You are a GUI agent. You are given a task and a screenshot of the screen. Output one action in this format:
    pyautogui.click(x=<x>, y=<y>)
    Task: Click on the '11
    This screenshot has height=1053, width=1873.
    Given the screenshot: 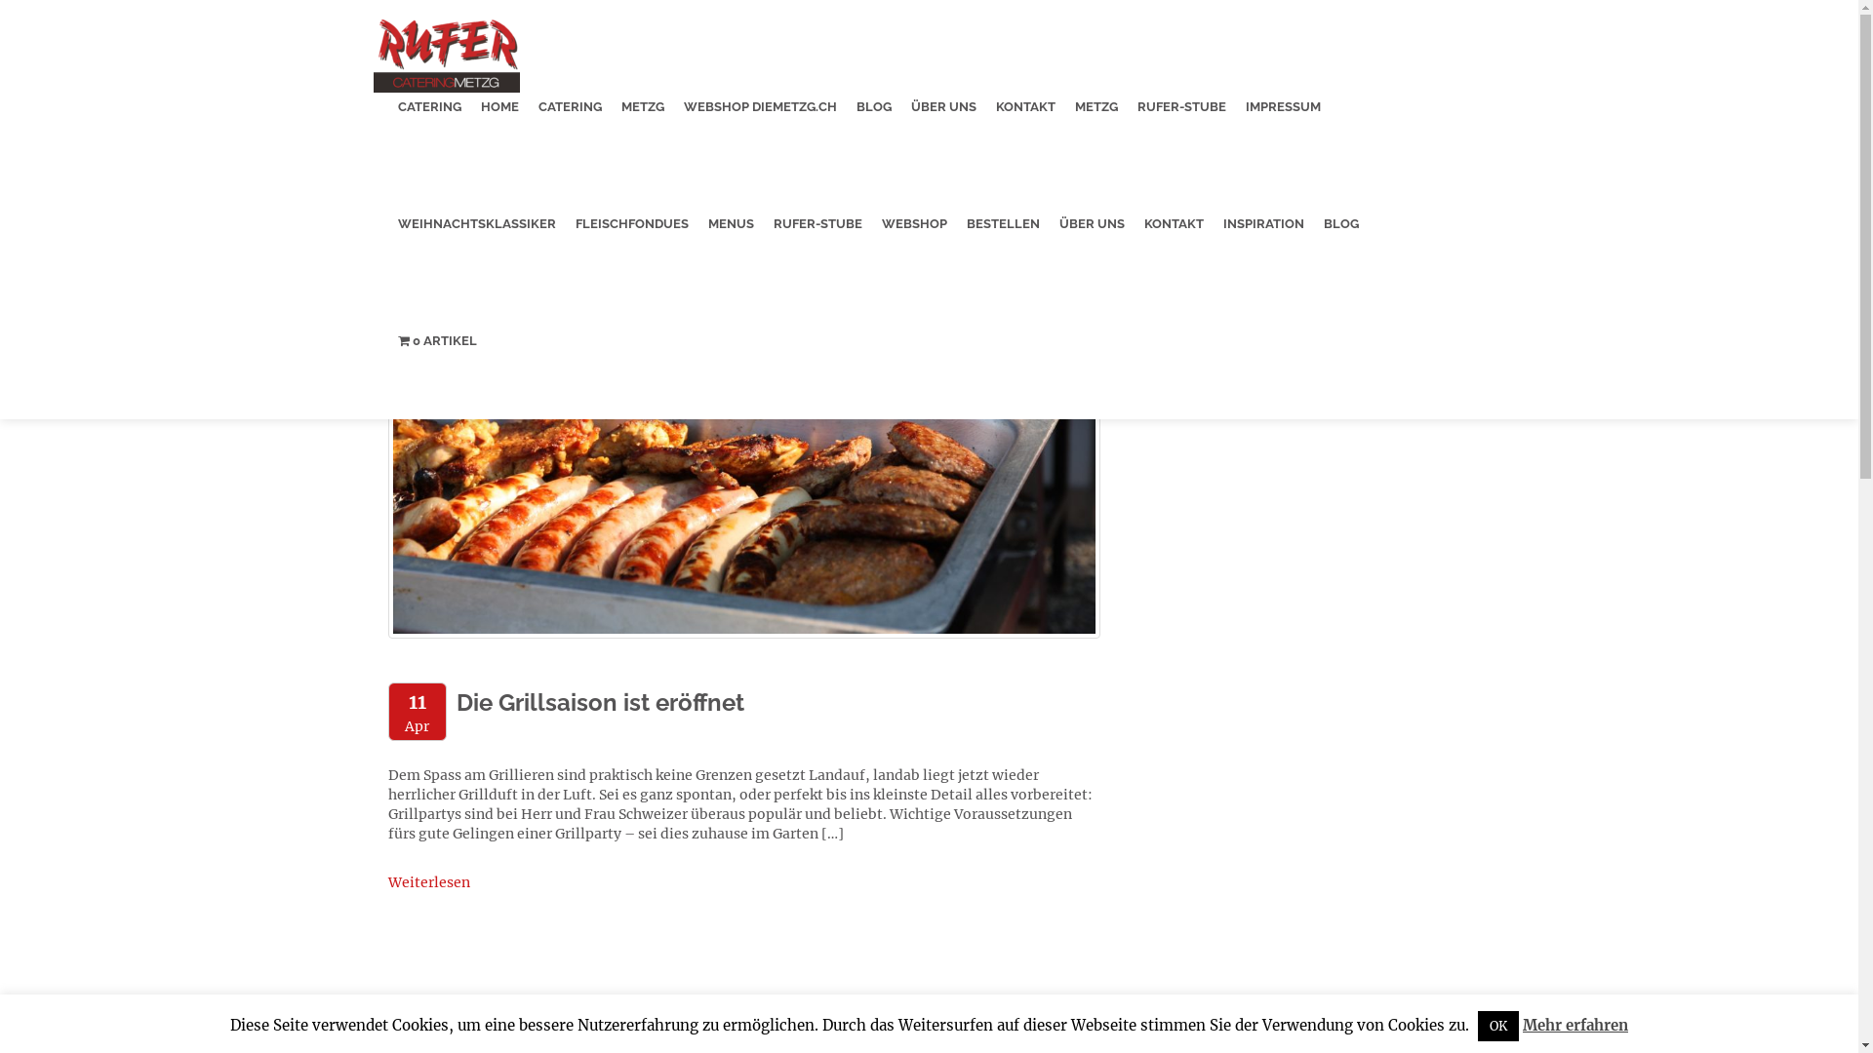 What is the action you would take?
    pyautogui.click(x=416, y=711)
    